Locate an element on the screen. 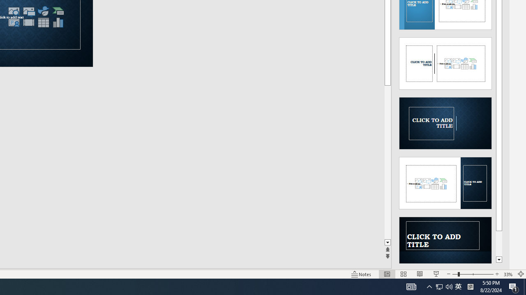  'Insert Chart' is located at coordinates (58, 22).